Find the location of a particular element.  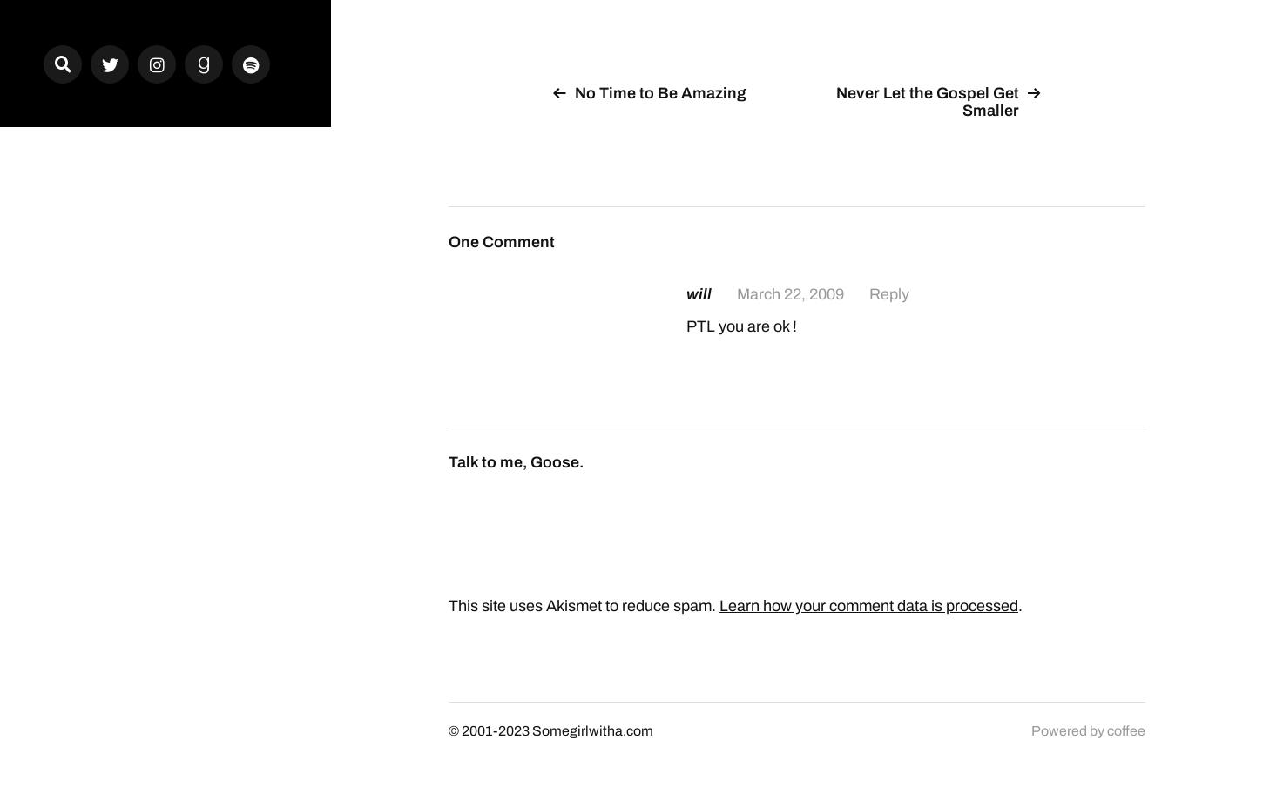

'Reply' is located at coordinates (888, 292).